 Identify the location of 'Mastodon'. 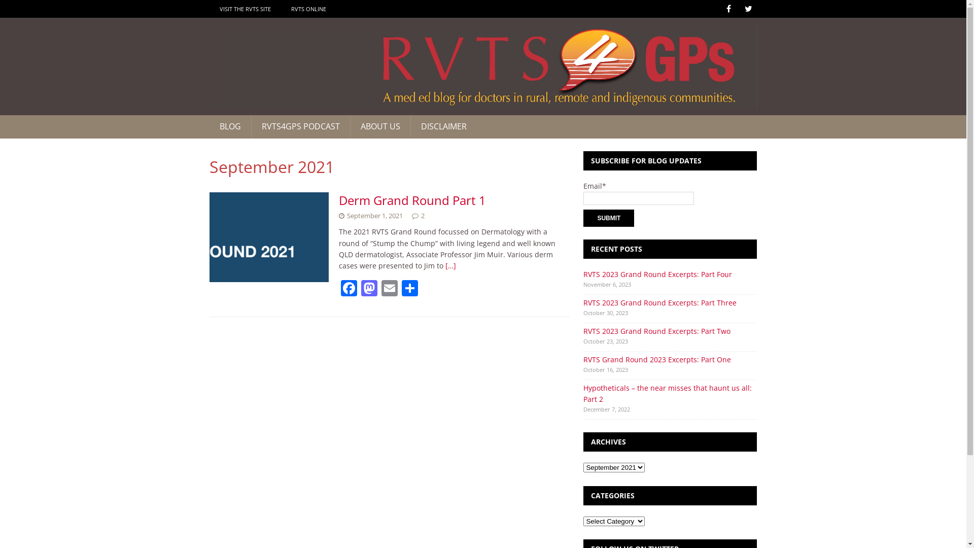
(359, 289).